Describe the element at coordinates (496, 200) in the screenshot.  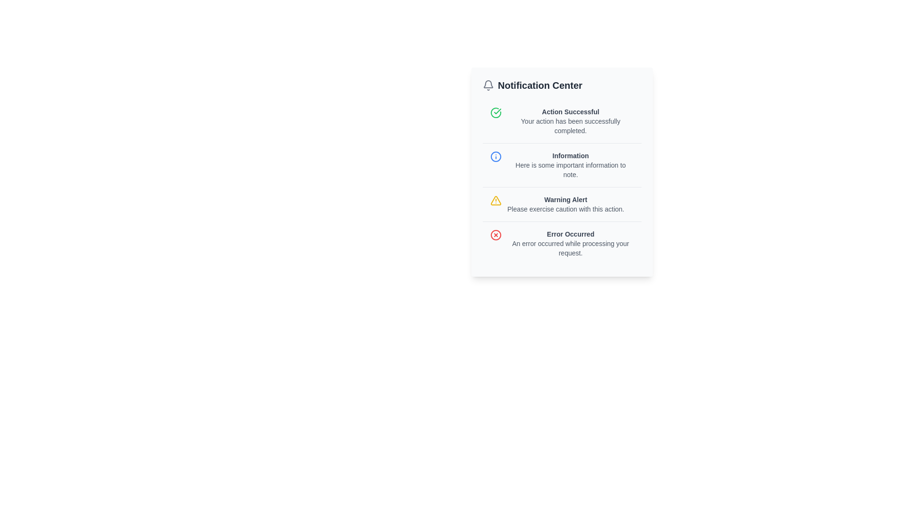
I see `the warning alert icon located to the left of the 'Warning Alert' title in the third notification panel` at that location.